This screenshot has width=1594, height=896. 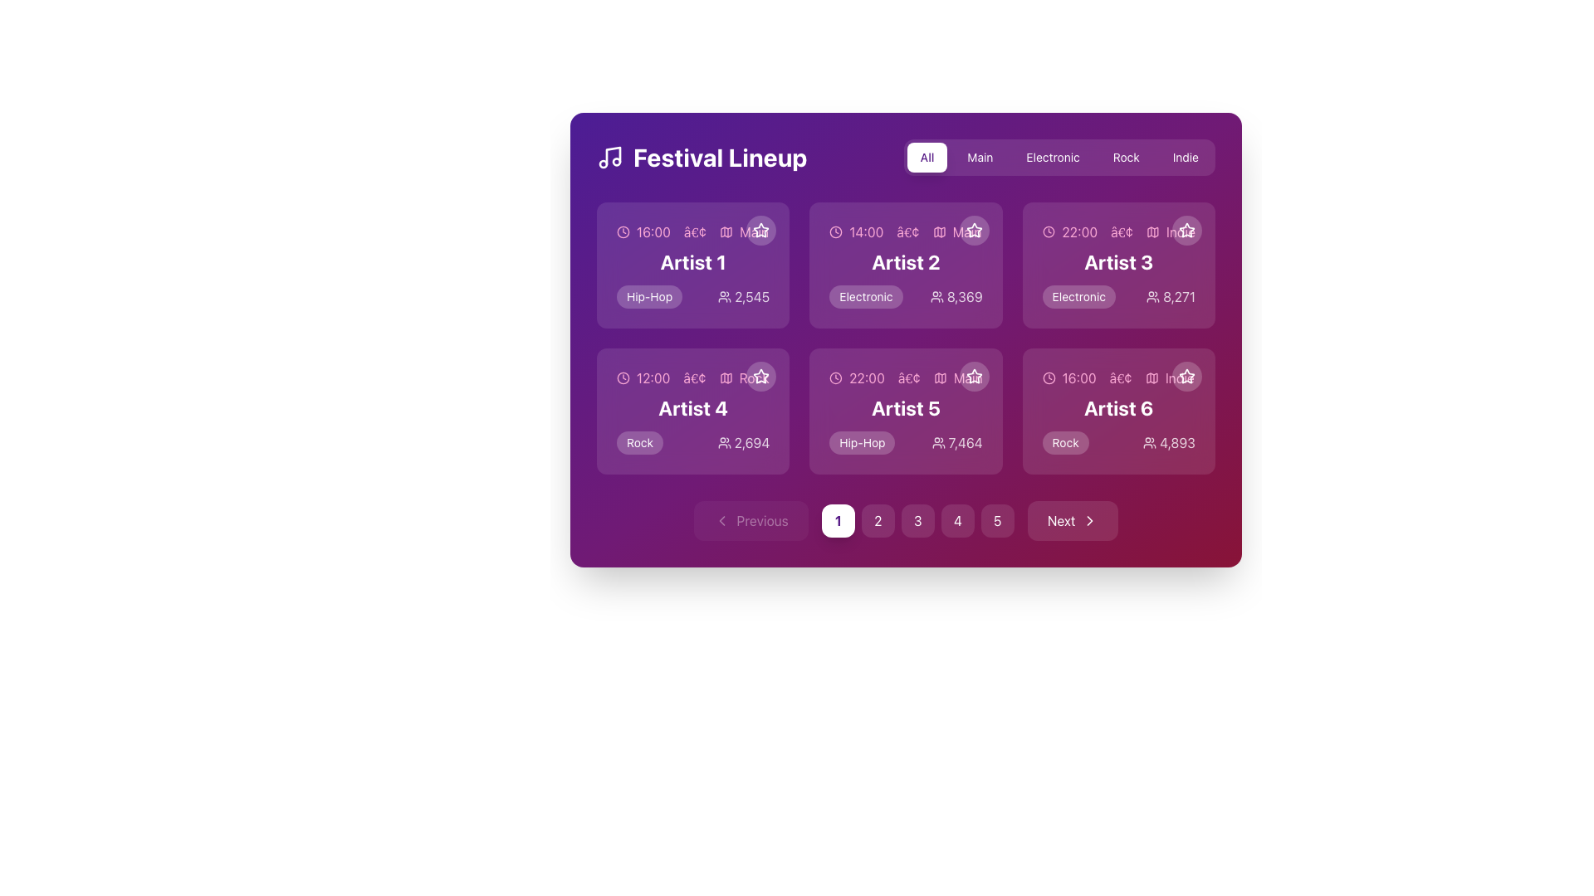 What do you see at coordinates (836, 377) in the screenshot?
I see `the SVG clock icon circle for 'Artist 5' to display more information` at bounding box center [836, 377].